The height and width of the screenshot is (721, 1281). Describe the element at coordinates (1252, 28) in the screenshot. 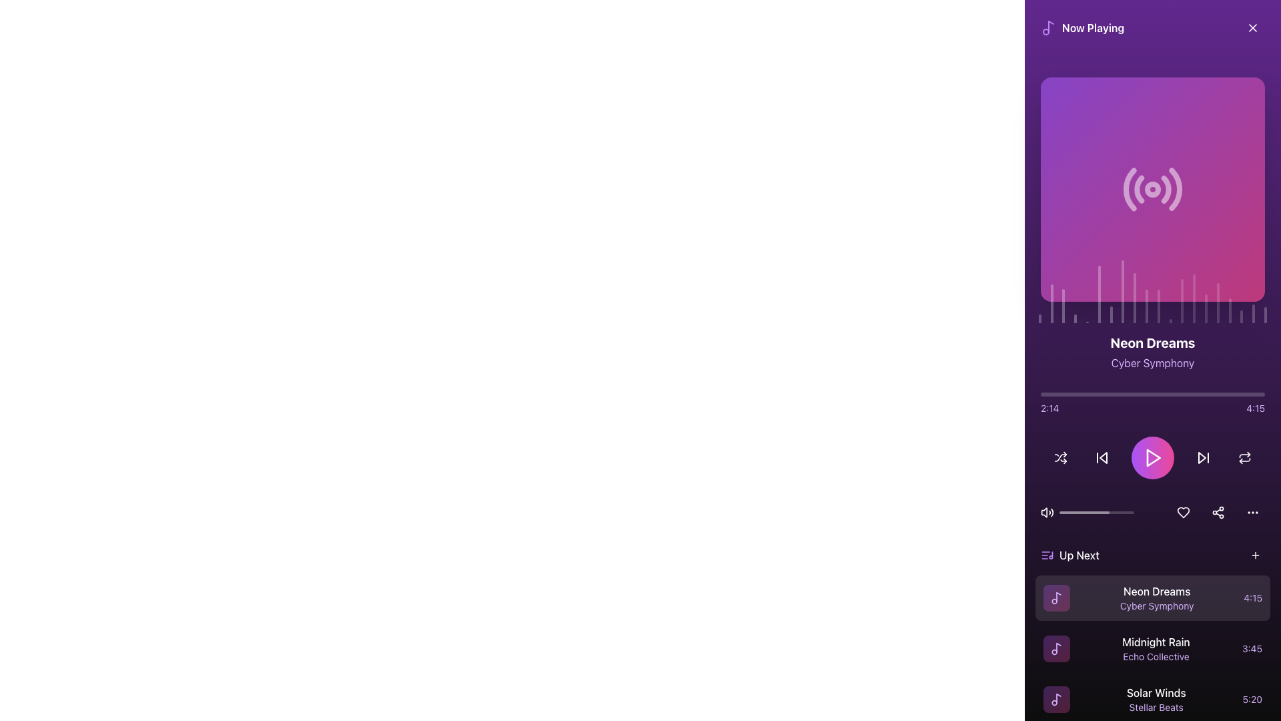

I see `the close button located in the top-right corner of the 'Now Playing' section to observe the style change` at that location.